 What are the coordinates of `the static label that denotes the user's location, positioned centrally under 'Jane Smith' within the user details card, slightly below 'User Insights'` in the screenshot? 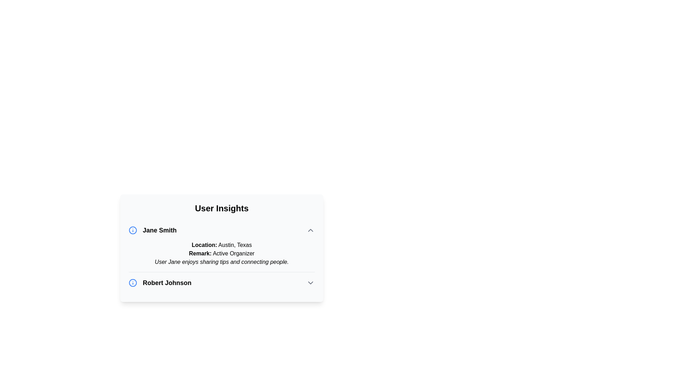 It's located at (204, 244).